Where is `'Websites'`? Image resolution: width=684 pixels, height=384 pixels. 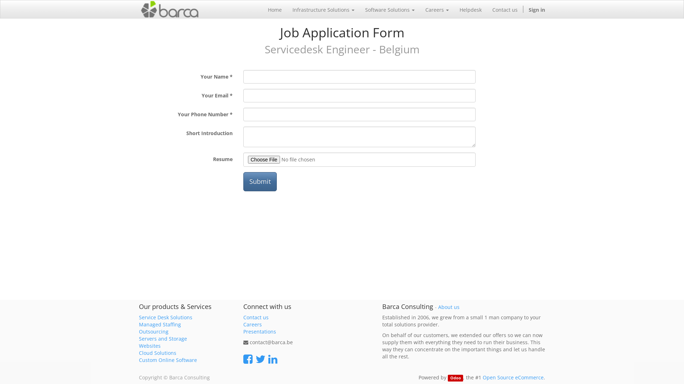
'Websites' is located at coordinates (149, 345).